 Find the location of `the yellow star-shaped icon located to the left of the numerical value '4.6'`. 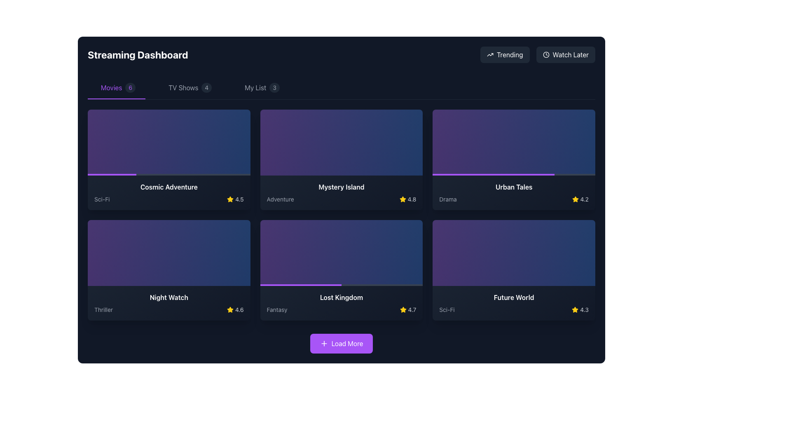

the yellow star-shaped icon located to the left of the numerical value '4.6' is located at coordinates (230, 310).